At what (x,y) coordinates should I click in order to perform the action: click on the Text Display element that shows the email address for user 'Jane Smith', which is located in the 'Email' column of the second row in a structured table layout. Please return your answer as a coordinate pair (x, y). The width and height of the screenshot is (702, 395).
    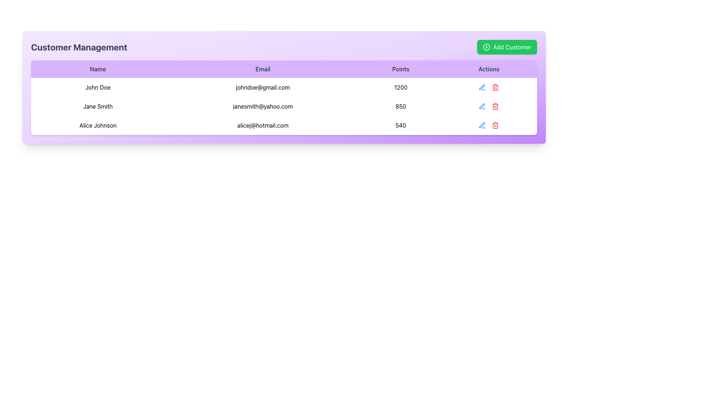
    Looking at the image, I should click on (263, 106).